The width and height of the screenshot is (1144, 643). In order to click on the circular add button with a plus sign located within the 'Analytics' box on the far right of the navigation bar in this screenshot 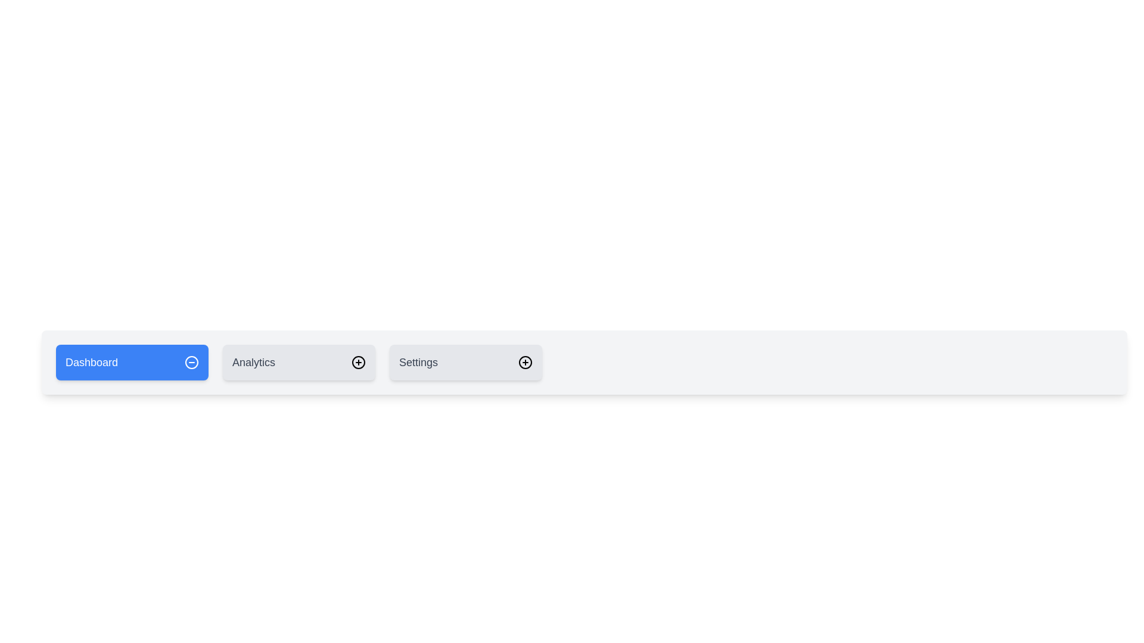, I will do `click(357, 362)`.